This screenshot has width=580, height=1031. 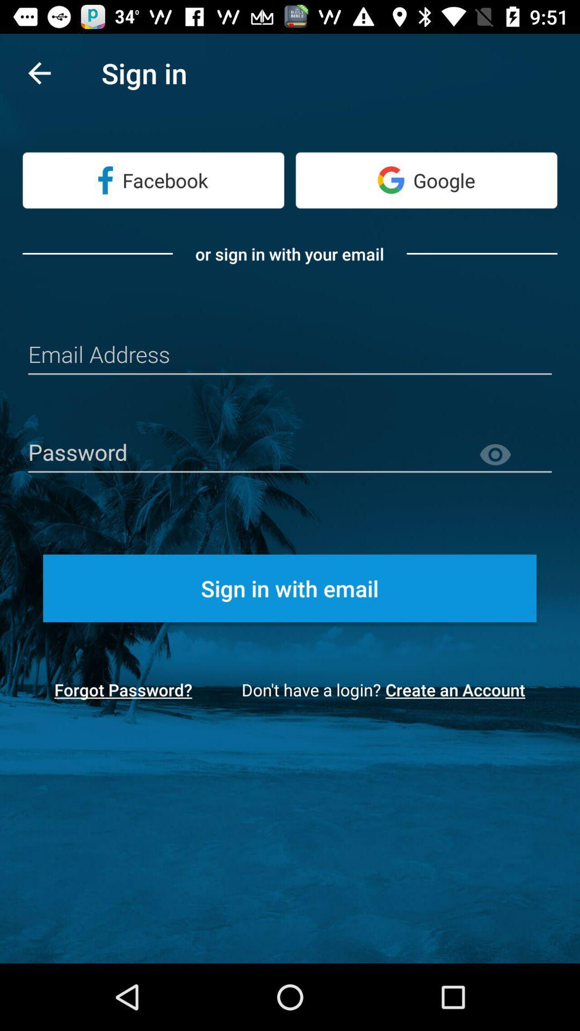 What do you see at coordinates (459, 689) in the screenshot?
I see `the icon at the bottom right corner` at bounding box center [459, 689].